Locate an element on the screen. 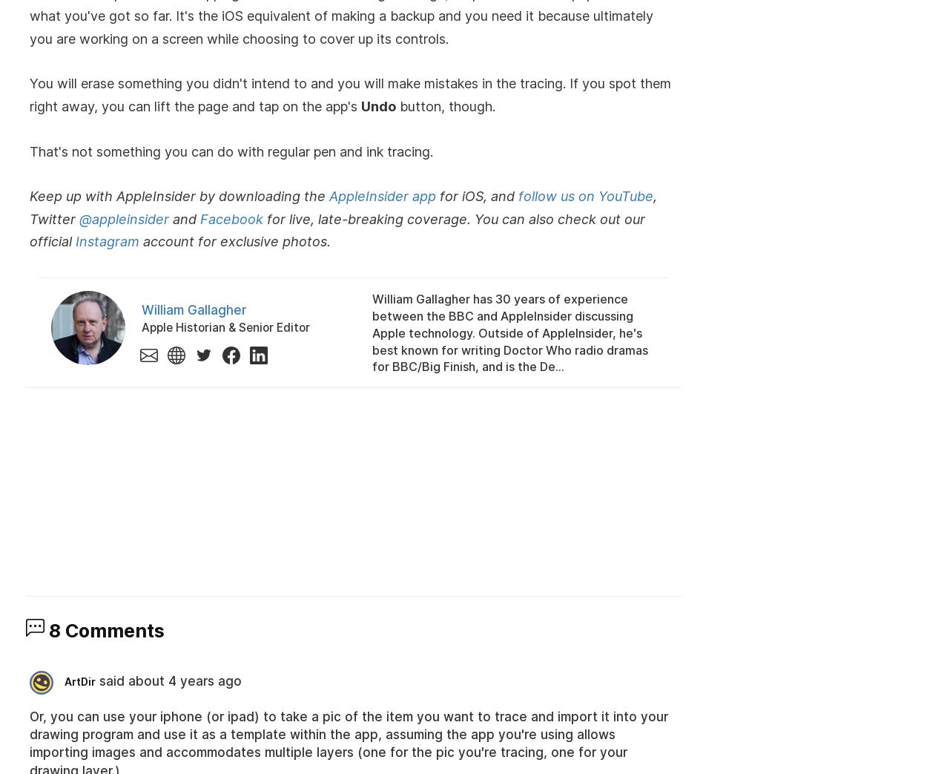 The height and width of the screenshot is (774, 927). 'William Gallagher' is located at coordinates (194, 310).